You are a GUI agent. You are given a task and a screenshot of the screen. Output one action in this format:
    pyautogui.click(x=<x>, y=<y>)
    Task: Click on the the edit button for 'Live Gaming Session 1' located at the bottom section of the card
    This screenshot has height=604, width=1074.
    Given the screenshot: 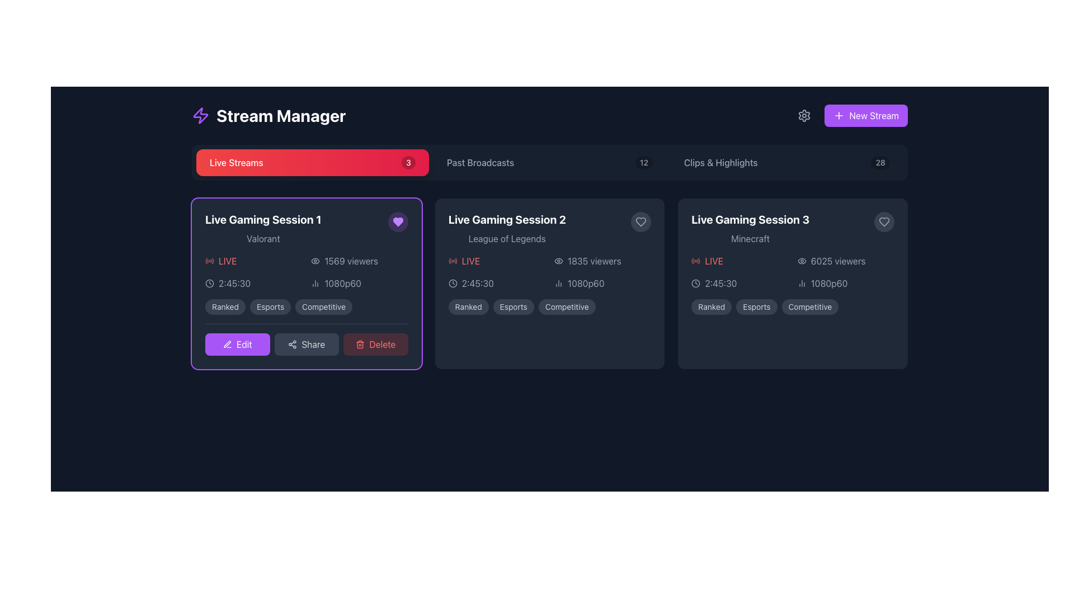 What is the action you would take?
    pyautogui.click(x=237, y=344)
    